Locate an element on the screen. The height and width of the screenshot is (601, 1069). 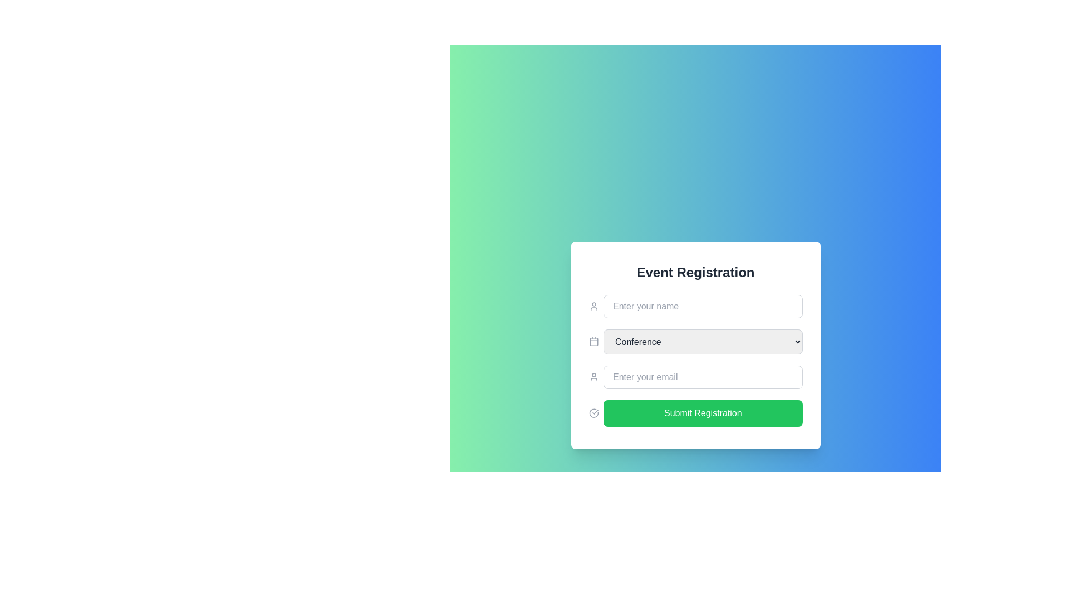
the dropdown menu that is styled with borders and a rounded rectangle shape, displaying 'Conference' as the selected option is located at coordinates (702, 341).